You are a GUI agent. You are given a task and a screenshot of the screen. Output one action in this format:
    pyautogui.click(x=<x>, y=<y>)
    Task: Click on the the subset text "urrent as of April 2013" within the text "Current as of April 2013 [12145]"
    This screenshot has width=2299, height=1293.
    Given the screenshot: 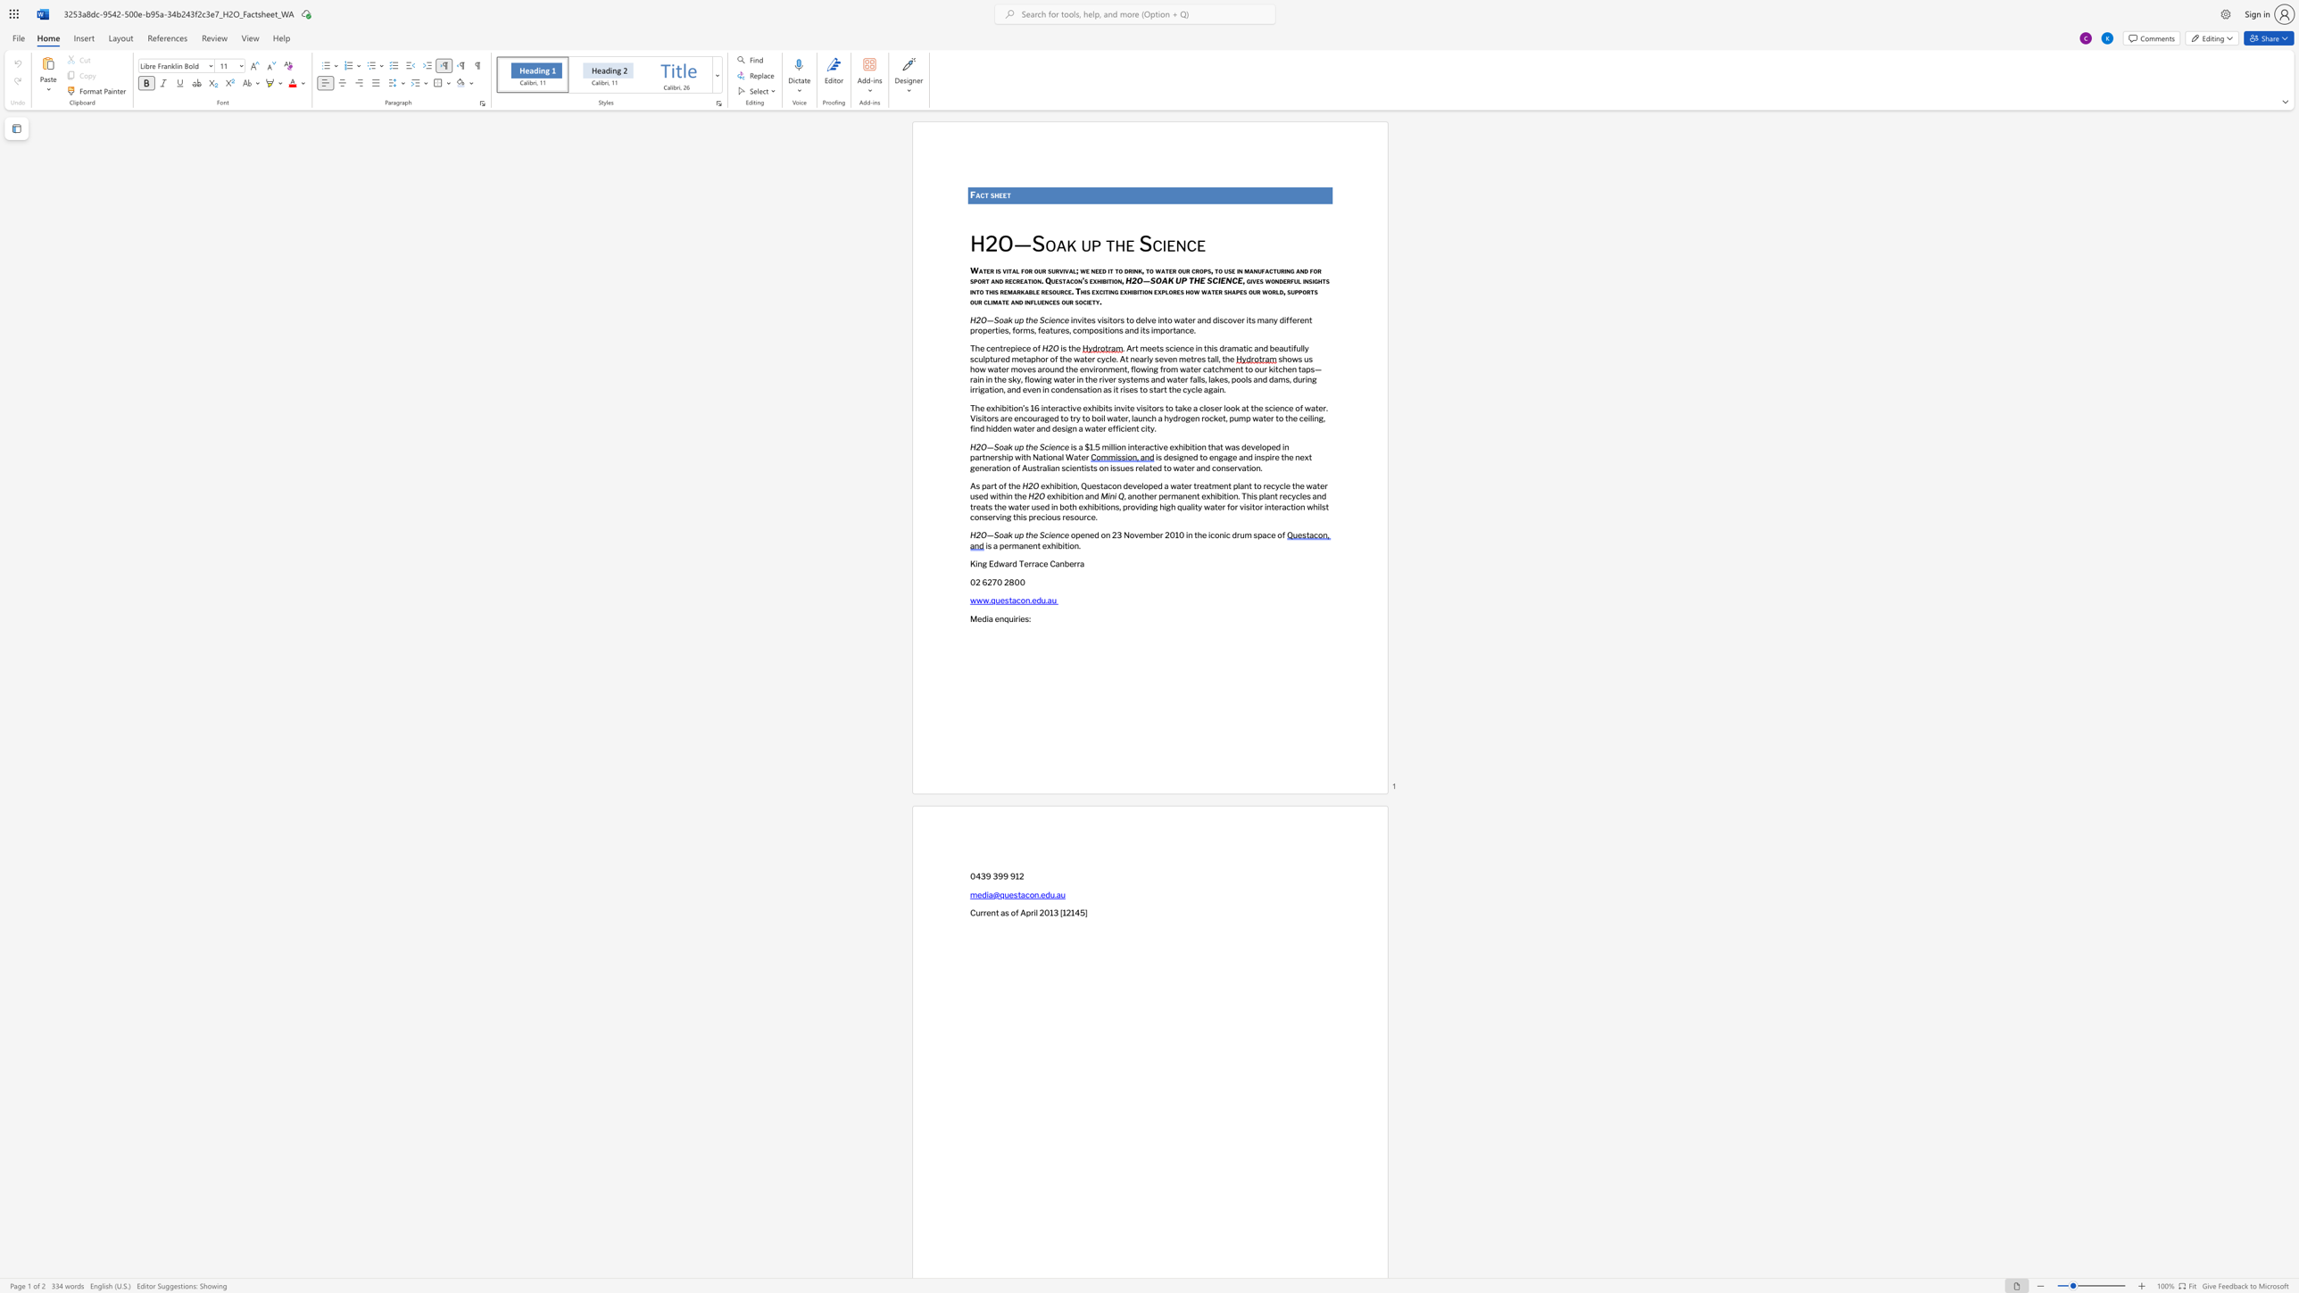 What is the action you would take?
    pyautogui.click(x=975, y=913)
    